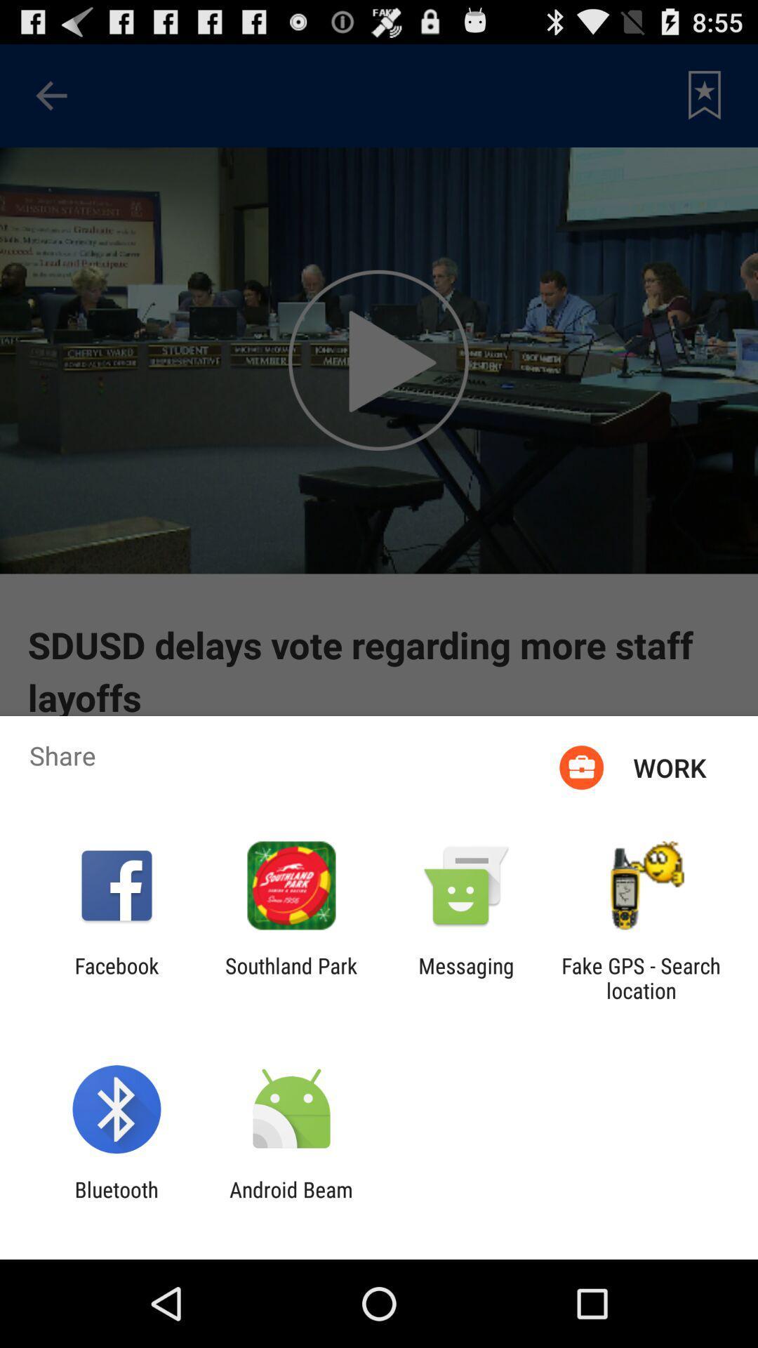 This screenshot has height=1348, width=758. Describe the element at coordinates (641, 977) in the screenshot. I see `the fake gps search app` at that location.